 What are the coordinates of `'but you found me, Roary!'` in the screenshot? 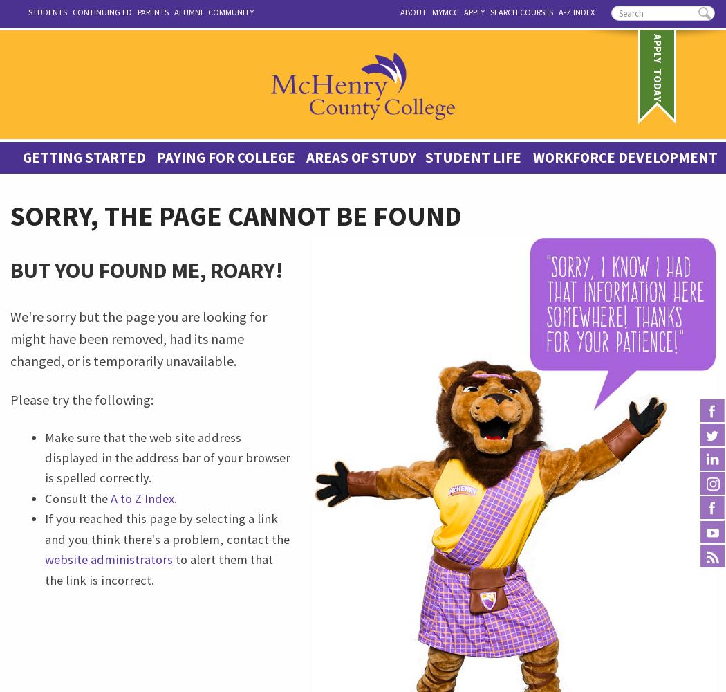 It's located at (146, 271).